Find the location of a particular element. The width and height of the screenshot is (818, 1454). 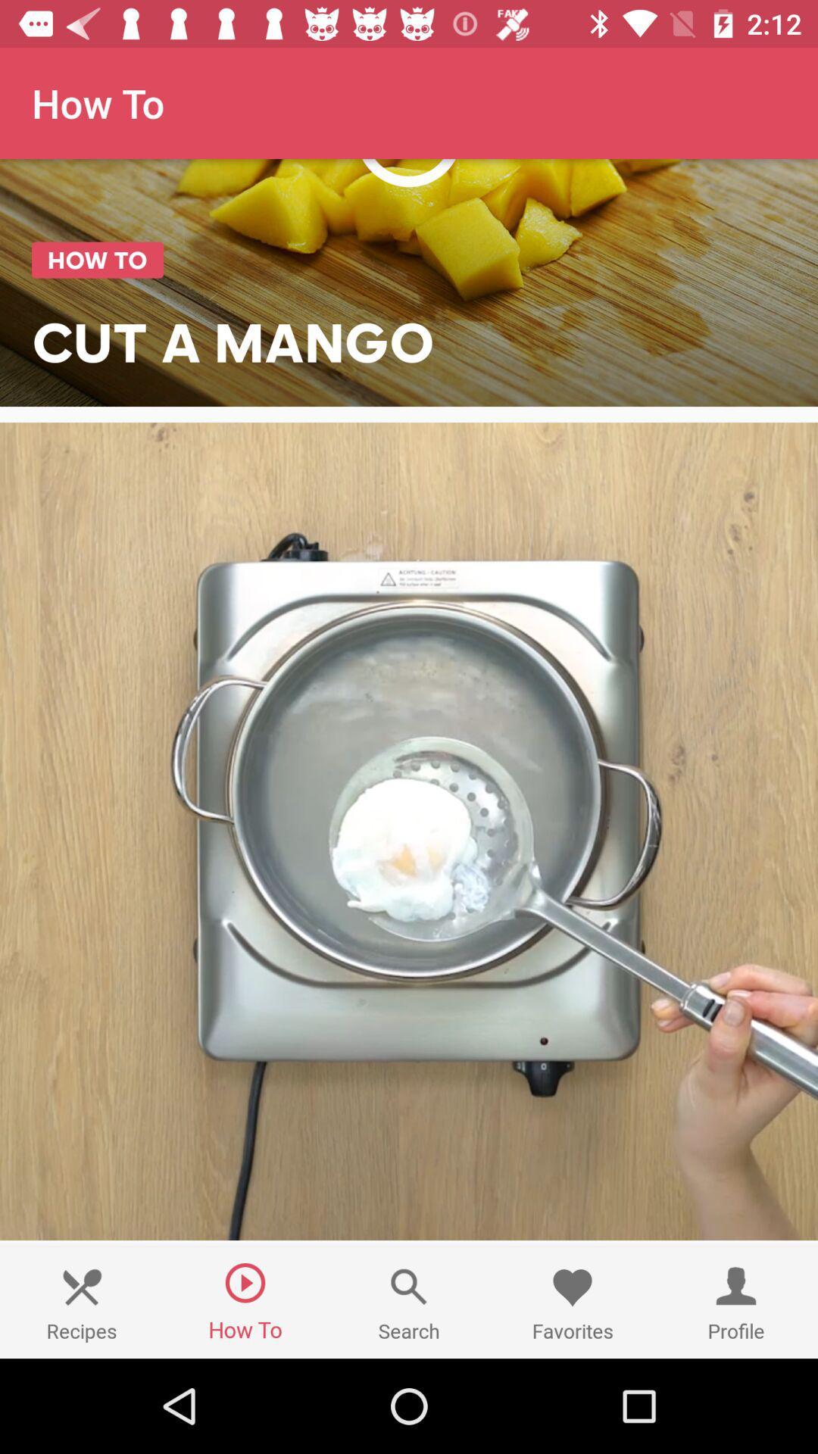

the image search right to image how to is located at coordinates (409, 1302).